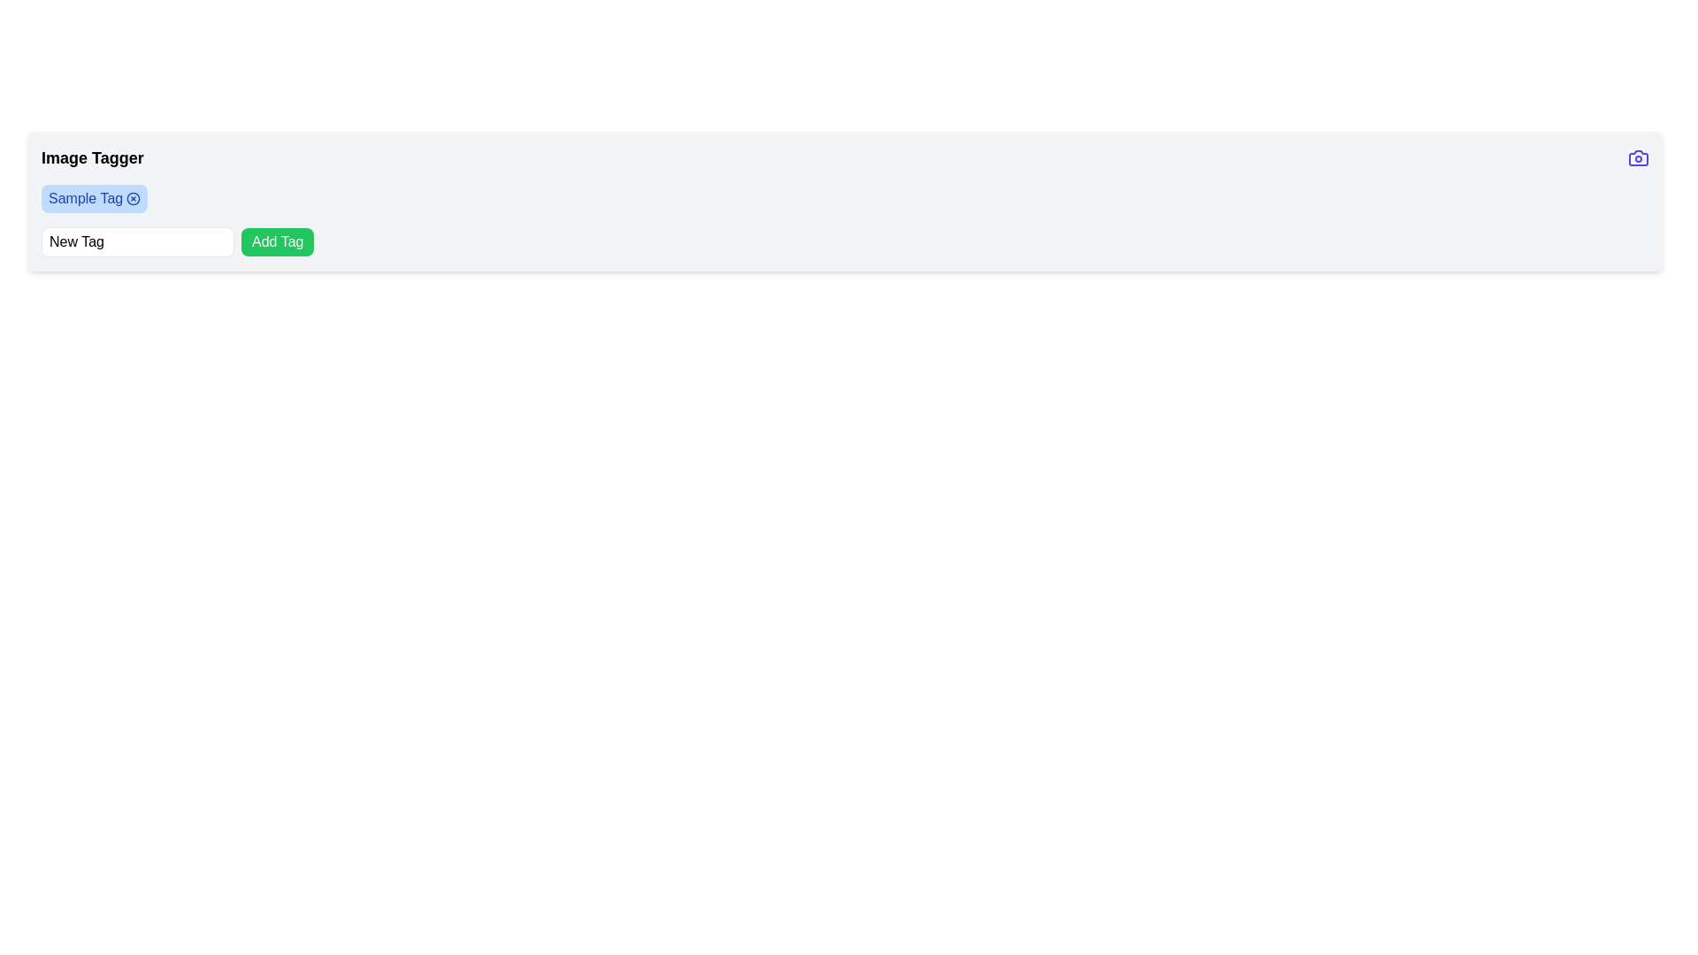 This screenshot has height=955, width=1698. What do you see at coordinates (133, 198) in the screenshot?
I see `the circular close button with an 'X' icon` at bounding box center [133, 198].